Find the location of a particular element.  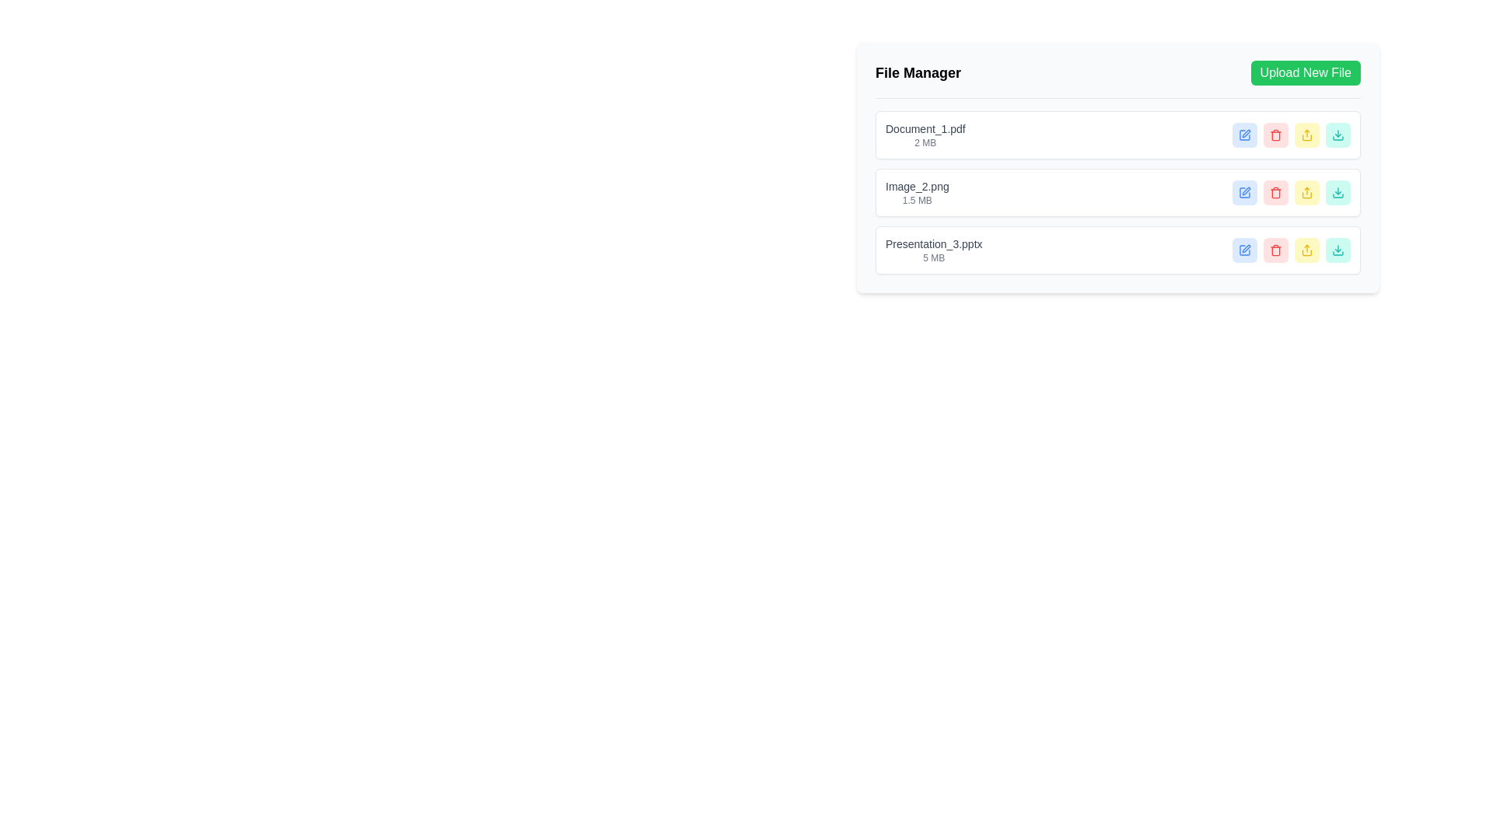

the edit icon (SVG graphic) in the horizontal row of icons next to the 'Presentation_3.pptx' file entry in the 'File Manager' interface is located at coordinates (1246, 248).